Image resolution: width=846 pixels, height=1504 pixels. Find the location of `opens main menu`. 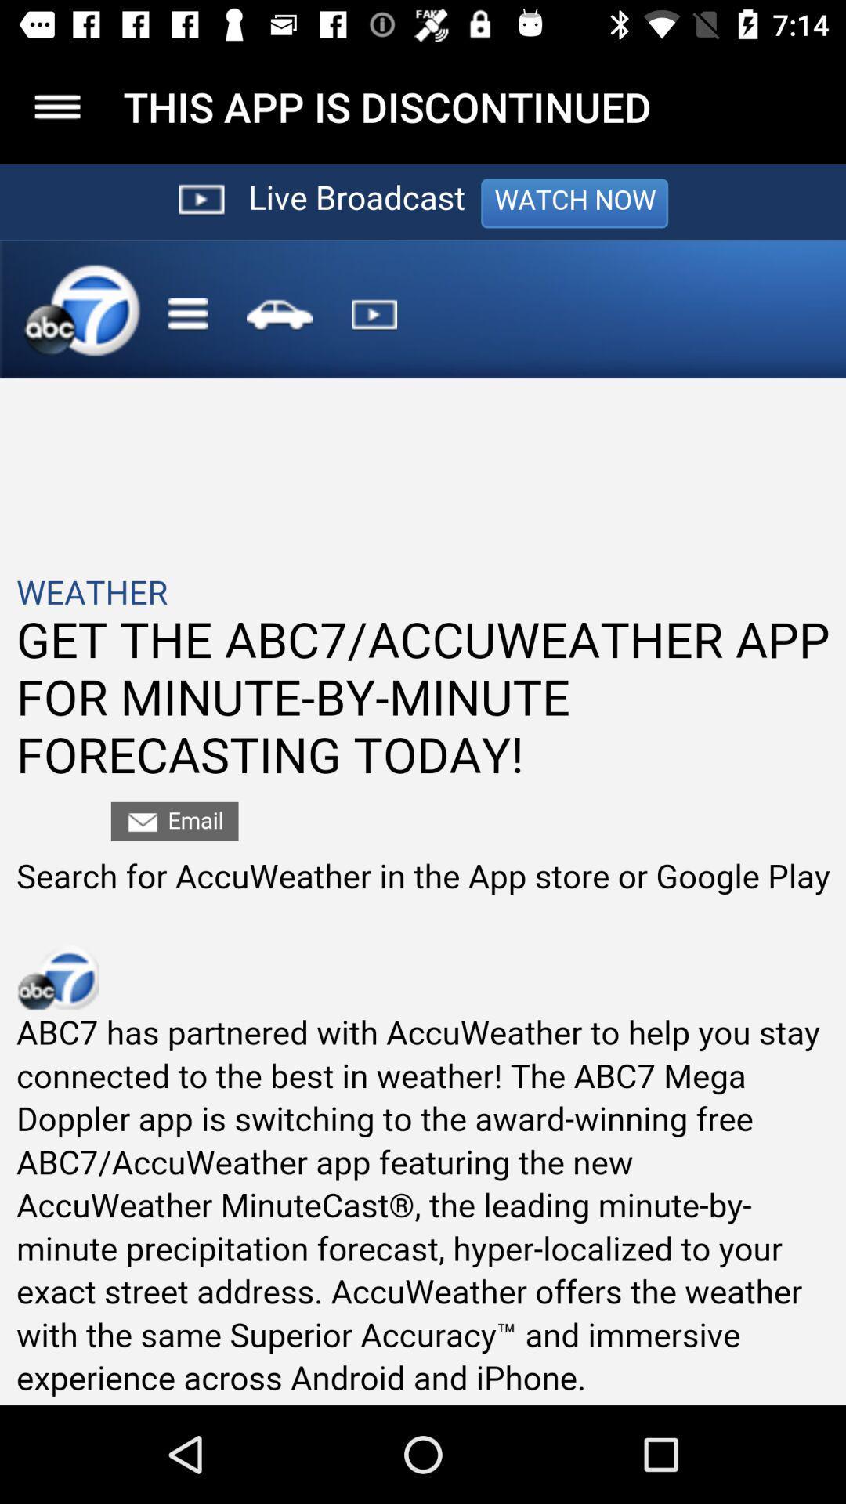

opens main menu is located at coordinates (56, 106).